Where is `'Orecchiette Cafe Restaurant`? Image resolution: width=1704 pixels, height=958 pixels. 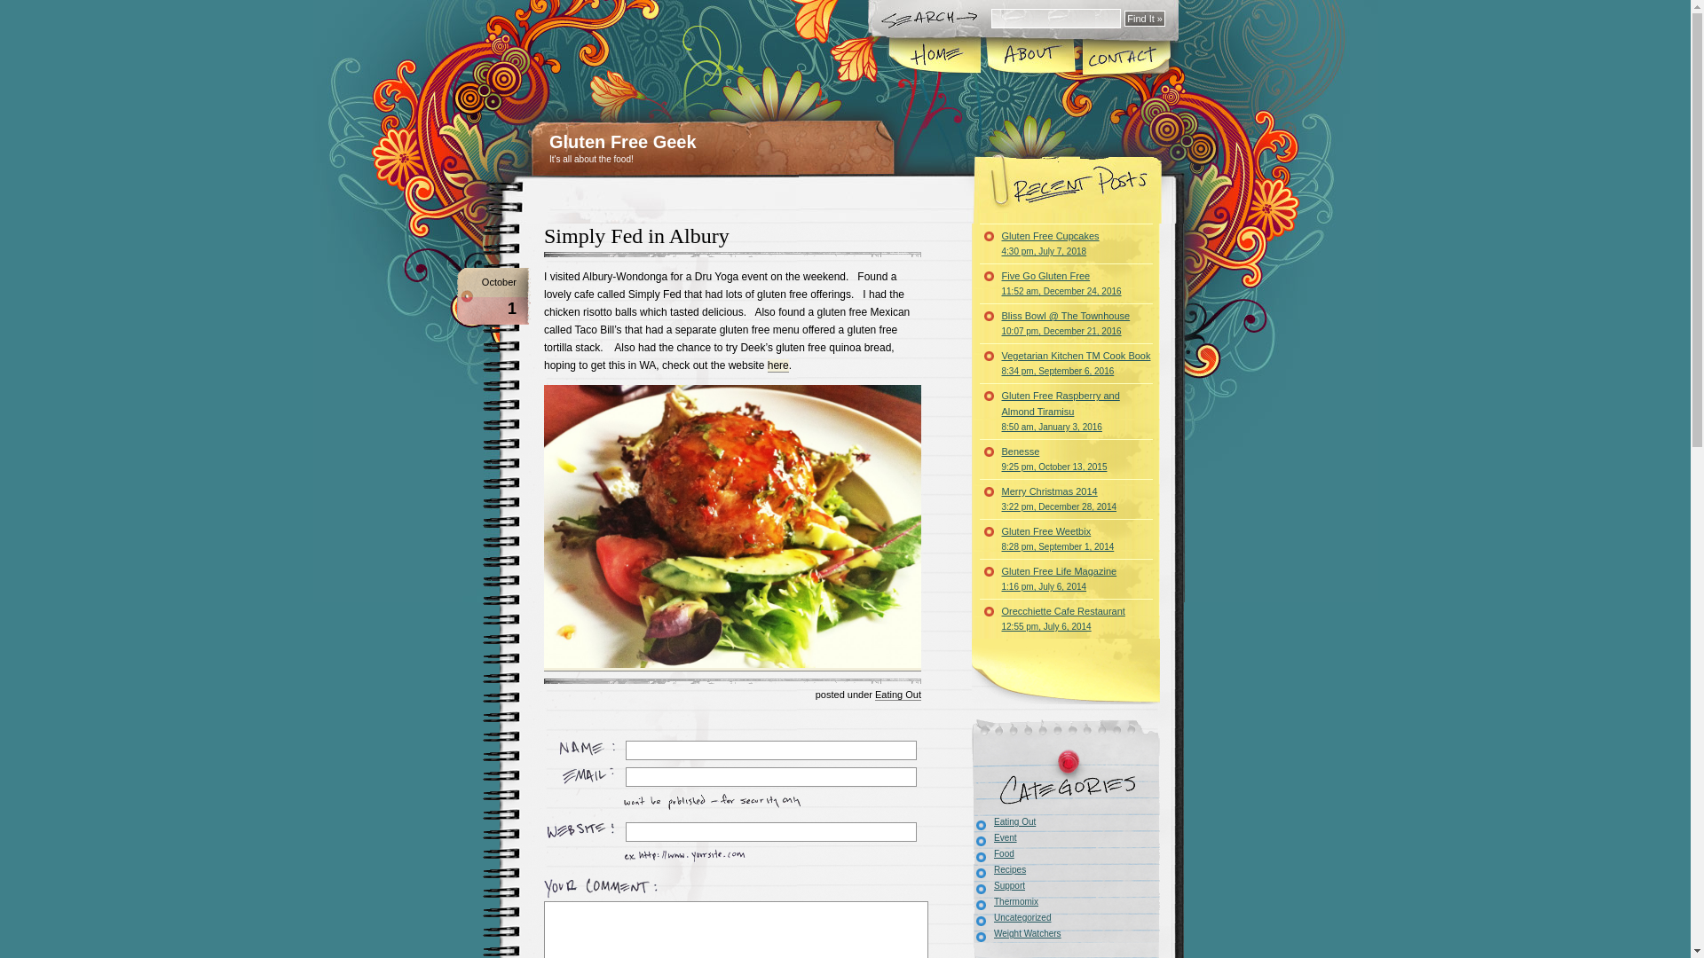 'Orecchiette Cafe Restaurant is located at coordinates (979, 617).